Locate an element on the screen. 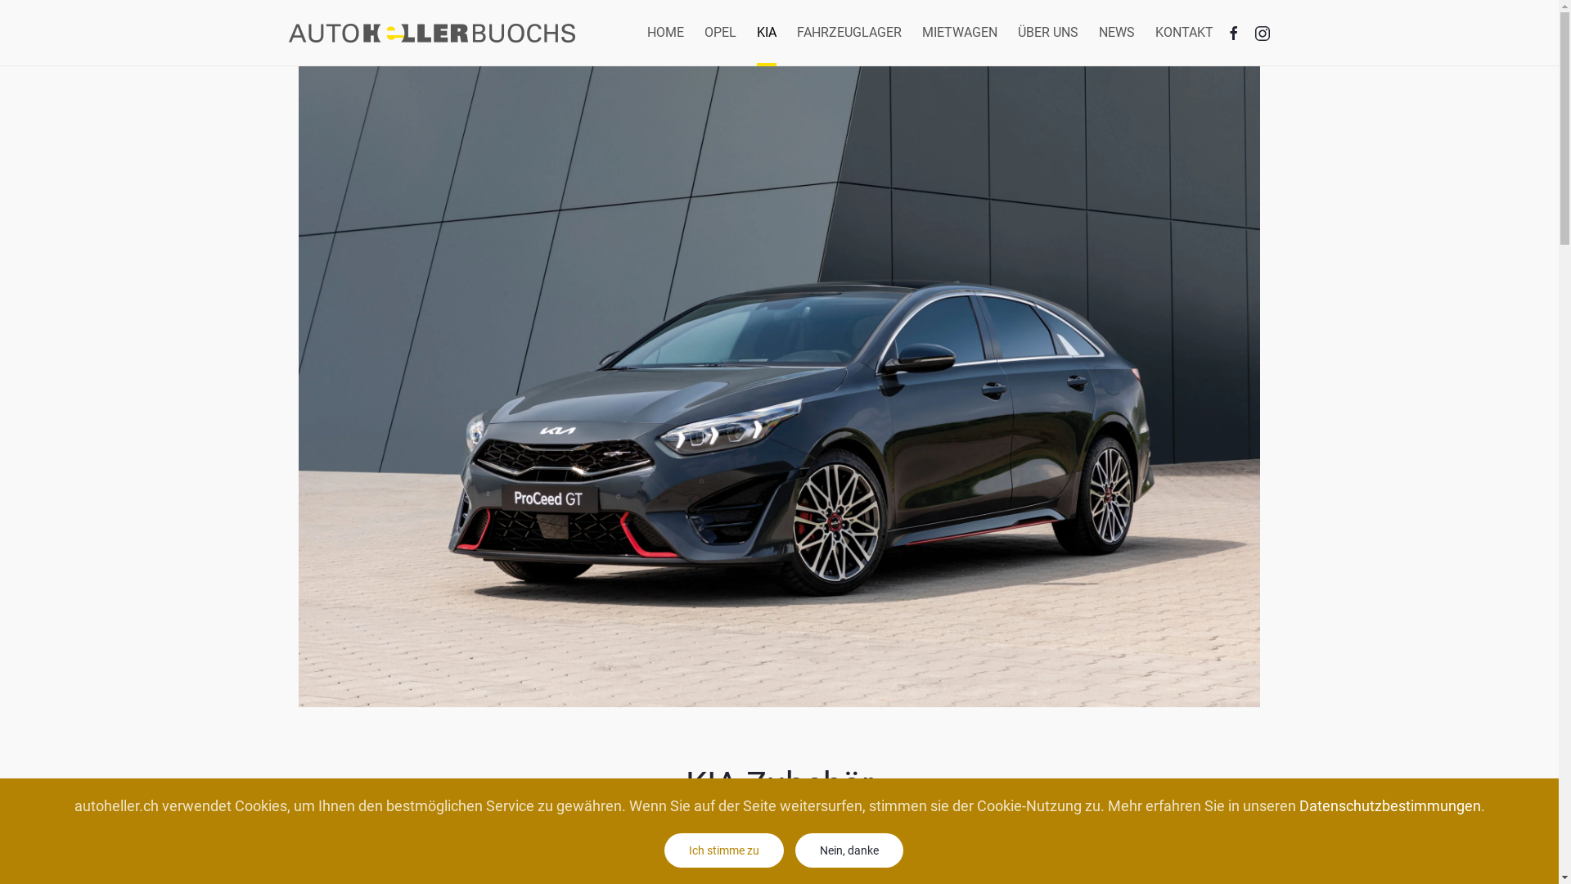 This screenshot has height=884, width=1571. 'FAHRZEUGLAGER' is located at coordinates (797, 32).